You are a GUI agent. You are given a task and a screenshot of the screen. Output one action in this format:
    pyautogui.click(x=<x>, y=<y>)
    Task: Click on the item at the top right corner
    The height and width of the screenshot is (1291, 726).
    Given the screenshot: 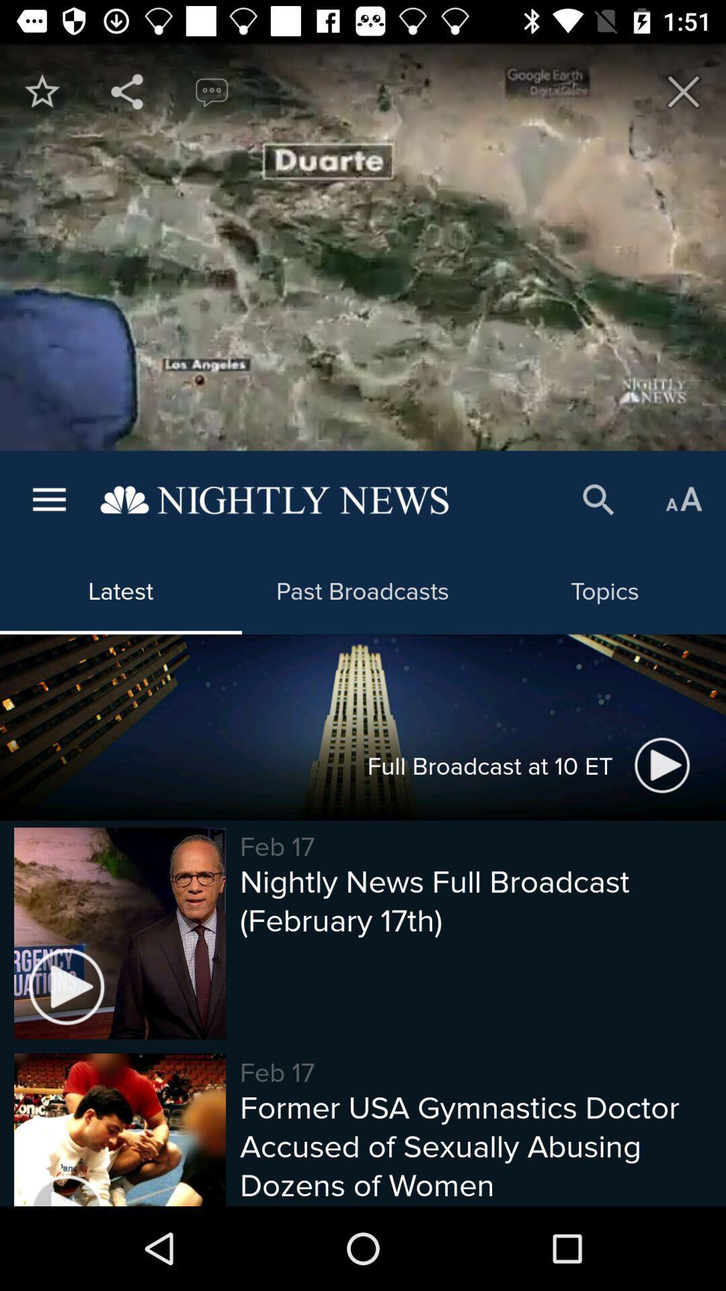 What is the action you would take?
    pyautogui.click(x=684, y=91)
    